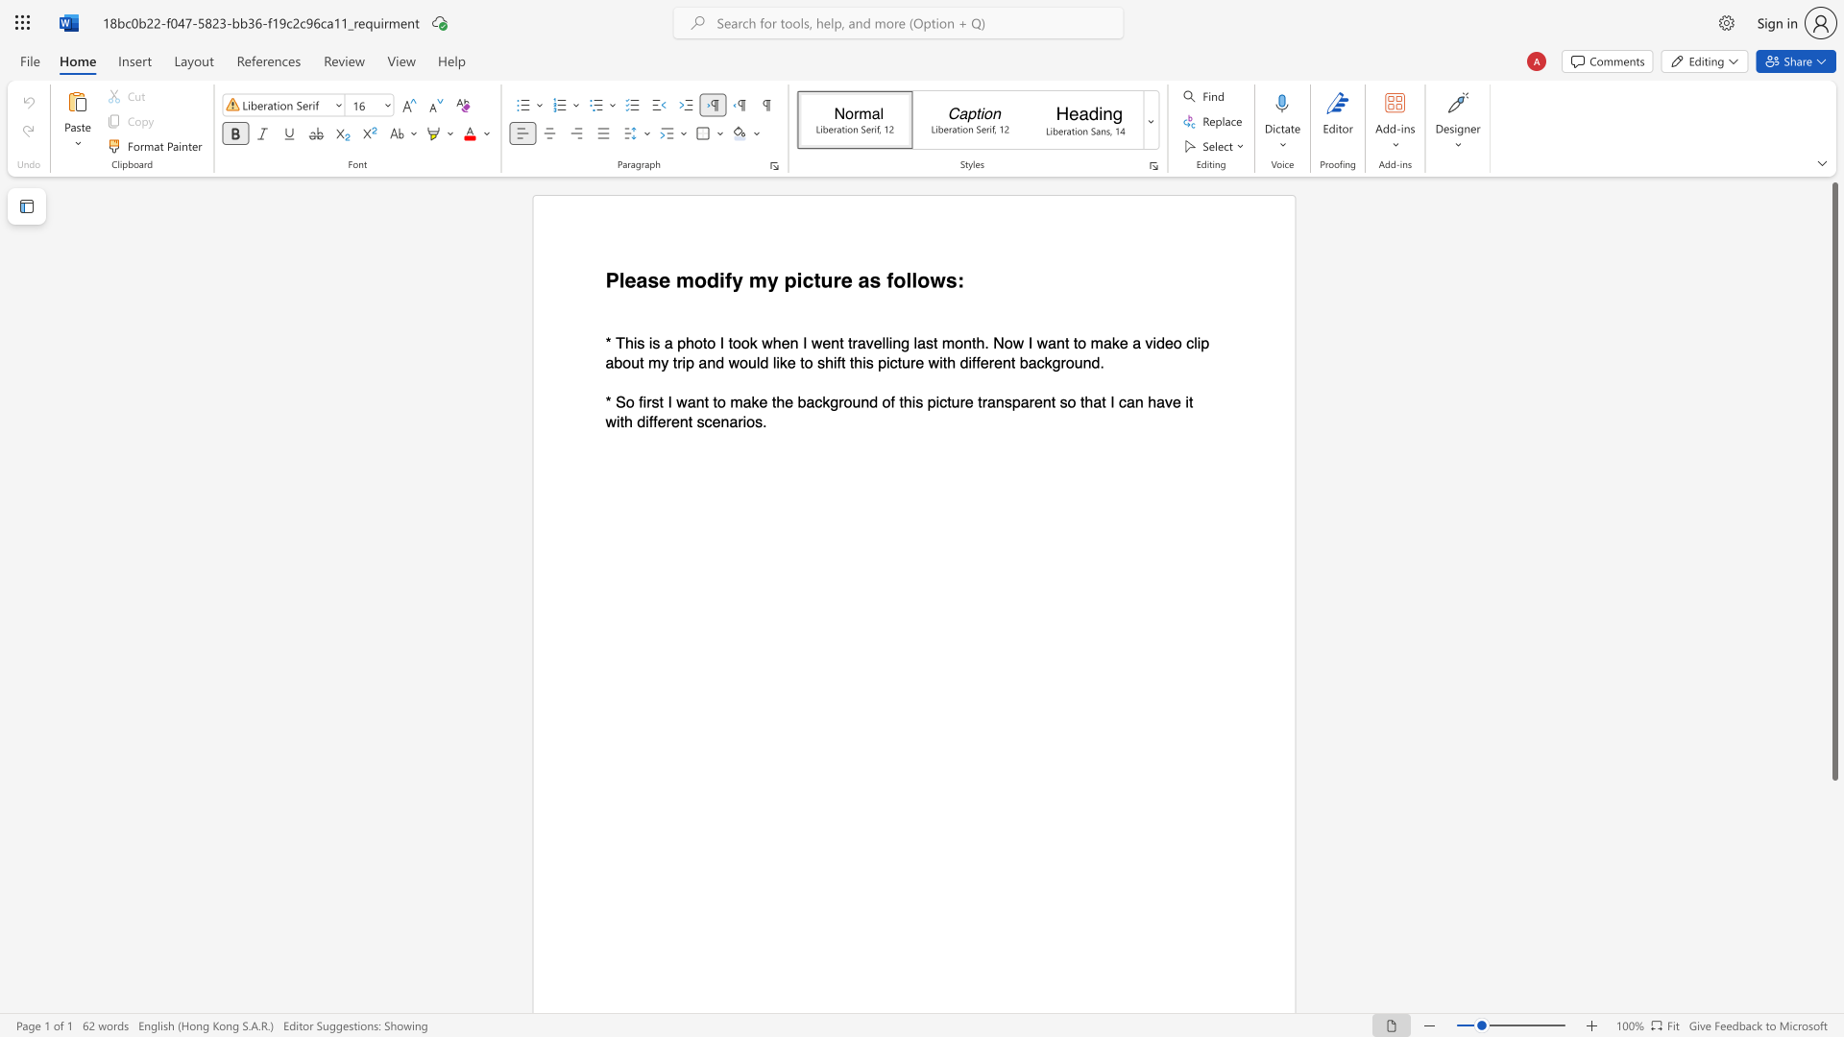  What do you see at coordinates (837, 280) in the screenshot?
I see `the 1th character "r" in the text` at bounding box center [837, 280].